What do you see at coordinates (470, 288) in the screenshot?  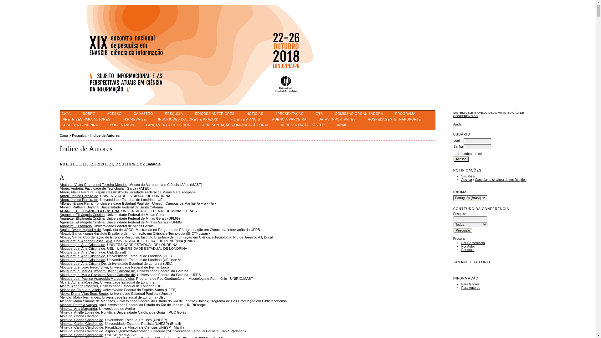 I see `'Para Autores'` at bounding box center [470, 288].